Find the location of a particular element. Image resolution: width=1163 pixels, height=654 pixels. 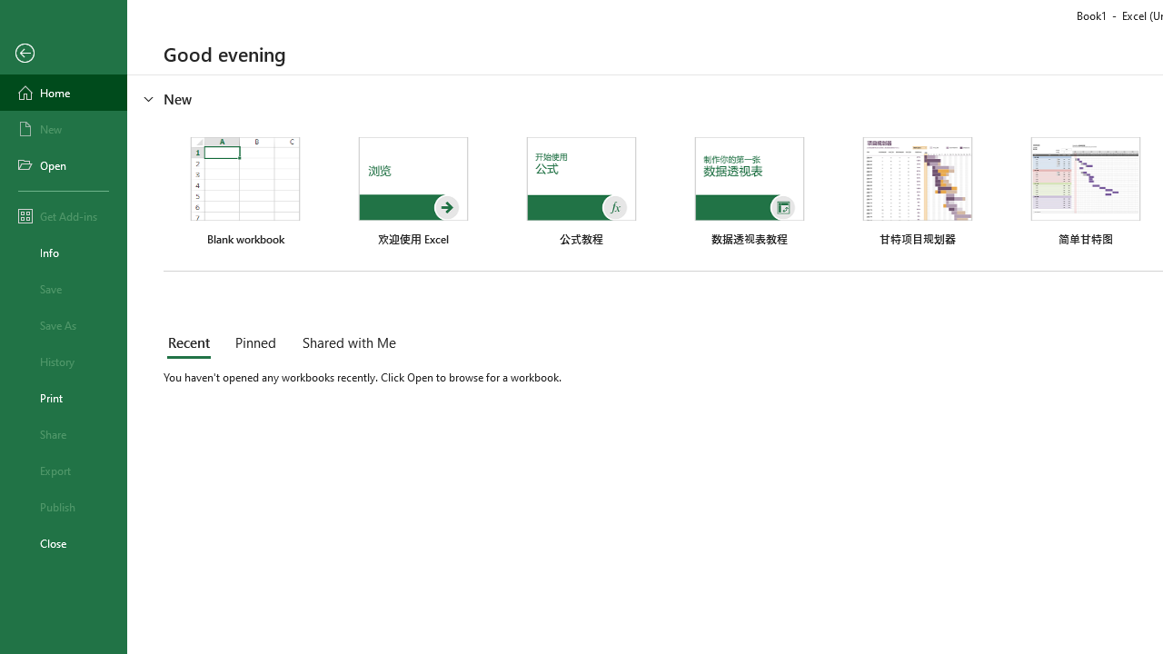

'Save As' is located at coordinates (63, 323).